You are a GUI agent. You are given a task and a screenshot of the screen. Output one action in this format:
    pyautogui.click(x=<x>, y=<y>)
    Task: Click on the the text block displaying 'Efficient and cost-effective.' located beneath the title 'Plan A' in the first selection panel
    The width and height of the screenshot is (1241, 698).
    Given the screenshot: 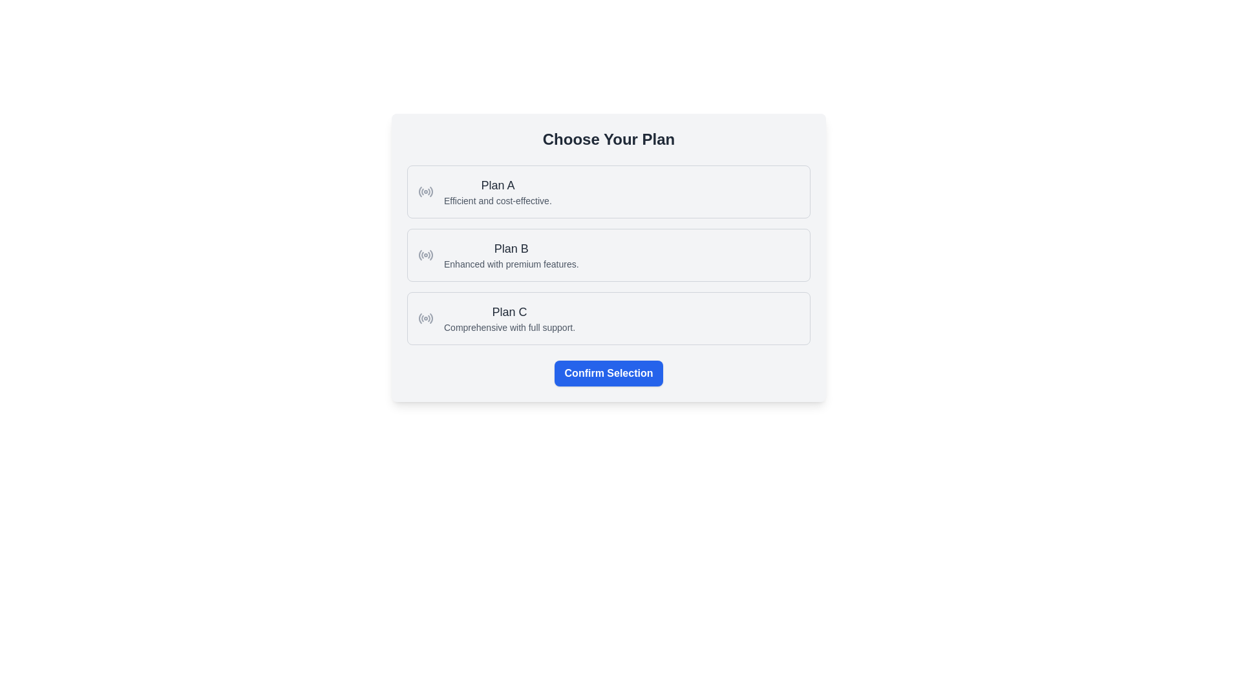 What is the action you would take?
    pyautogui.click(x=497, y=201)
    